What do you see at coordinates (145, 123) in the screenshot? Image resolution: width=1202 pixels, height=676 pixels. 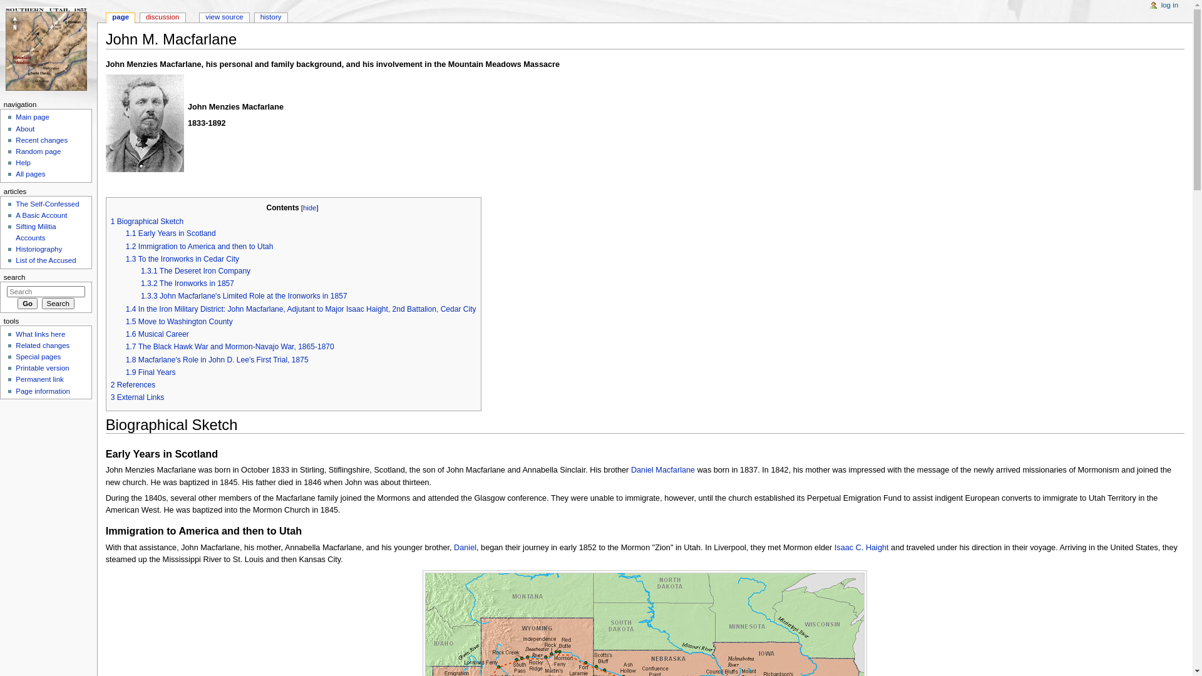 I see `'John m. macfarlane 1b.jpg'` at bounding box center [145, 123].